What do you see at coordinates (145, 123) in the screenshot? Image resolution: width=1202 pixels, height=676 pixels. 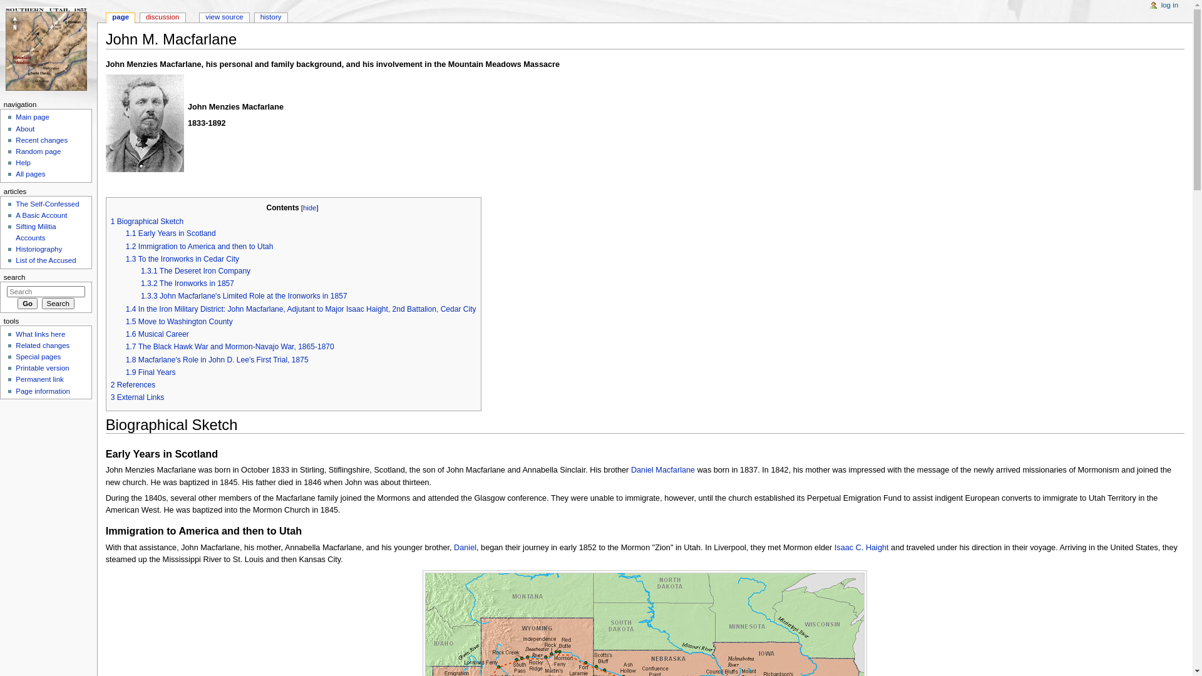 I see `'John m. macfarlane 1b.jpg'` at bounding box center [145, 123].